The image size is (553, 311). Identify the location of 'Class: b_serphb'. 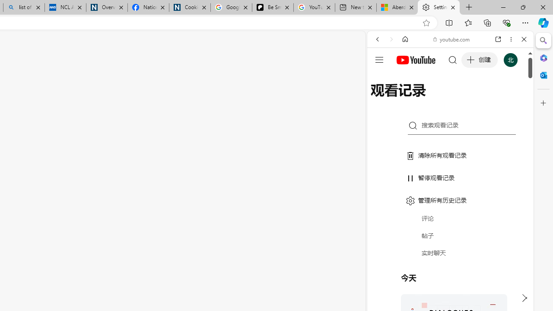
(514, 99).